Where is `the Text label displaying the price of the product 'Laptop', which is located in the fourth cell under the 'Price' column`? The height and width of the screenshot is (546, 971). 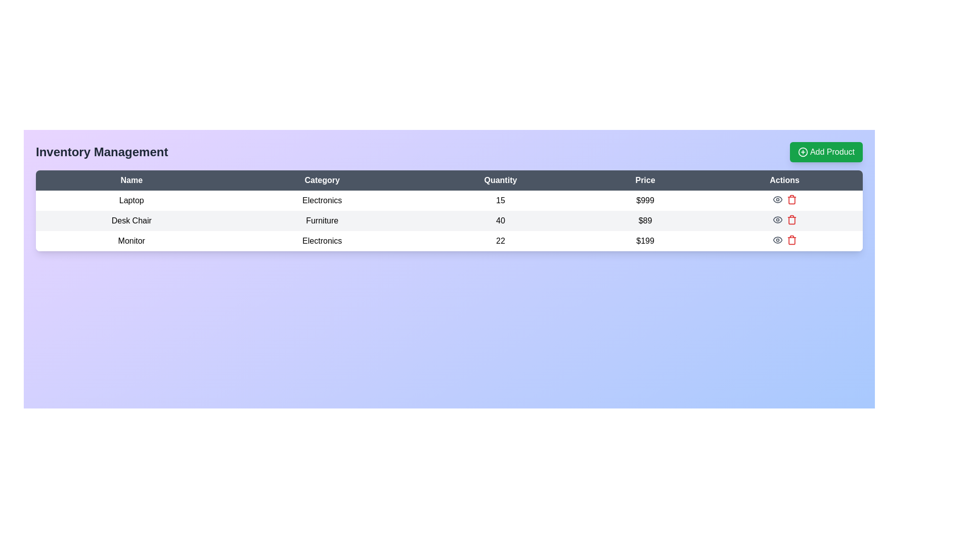 the Text label displaying the price of the product 'Laptop', which is located in the fourth cell under the 'Price' column is located at coordinates (645, 201).